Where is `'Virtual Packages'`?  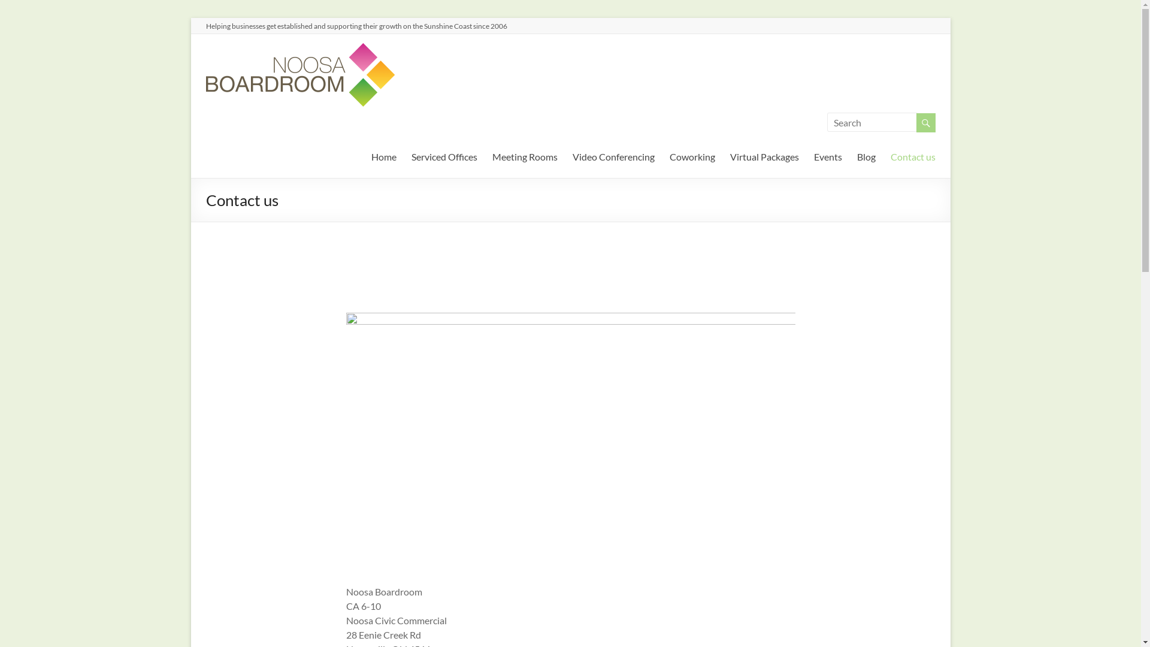
'Virtual Packages' is located at coordinates (763, 154).